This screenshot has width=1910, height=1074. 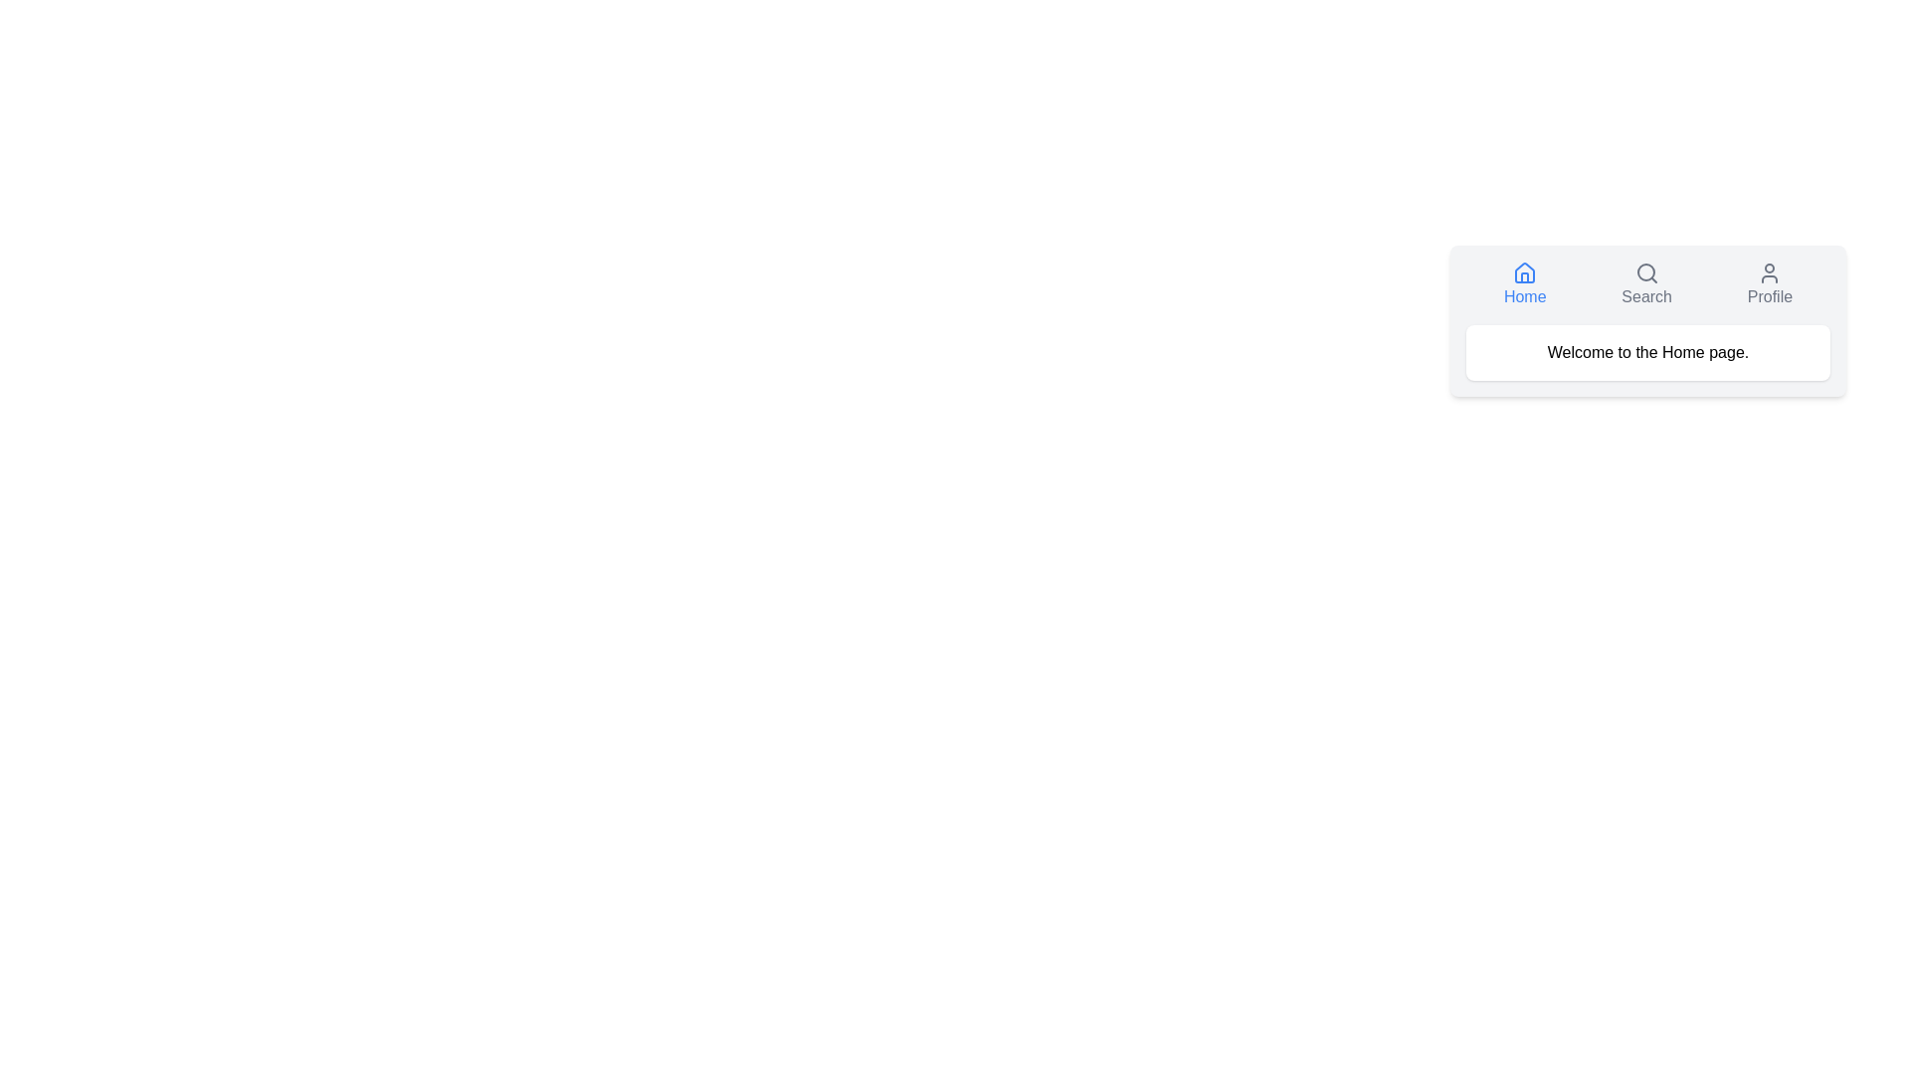 What do you see at coordinates (1646, 297) in the screenshot?
I see `the Text Label that indicates a search function, located in the navigation bar between the 'Home' and 'Profile' sections` at bounding box center [1646, 297].